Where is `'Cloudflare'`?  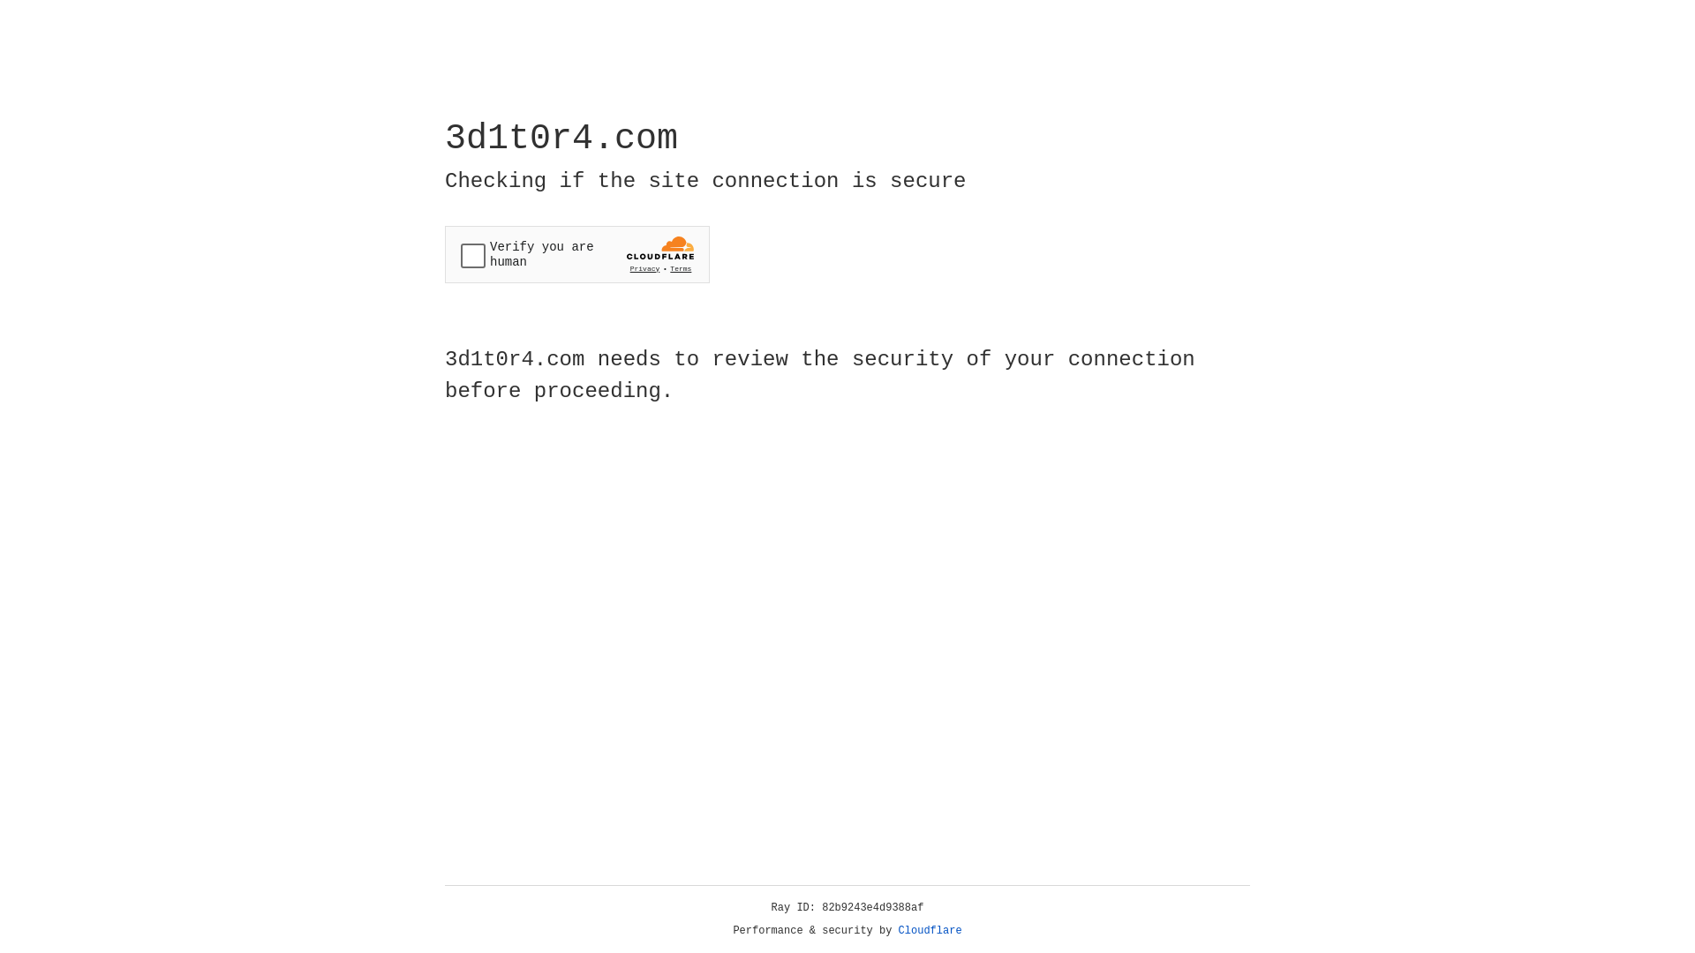 'Cloudflare' is located at coordinates (930, 930).